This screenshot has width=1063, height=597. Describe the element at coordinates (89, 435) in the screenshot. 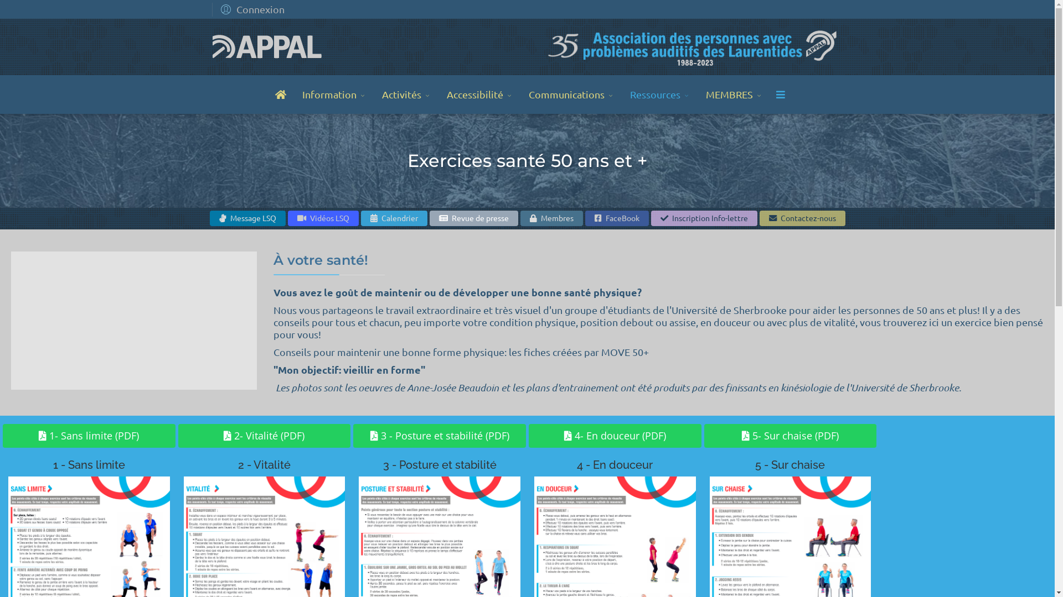

I see `'1- Sans limite (PDF)'` at that location.